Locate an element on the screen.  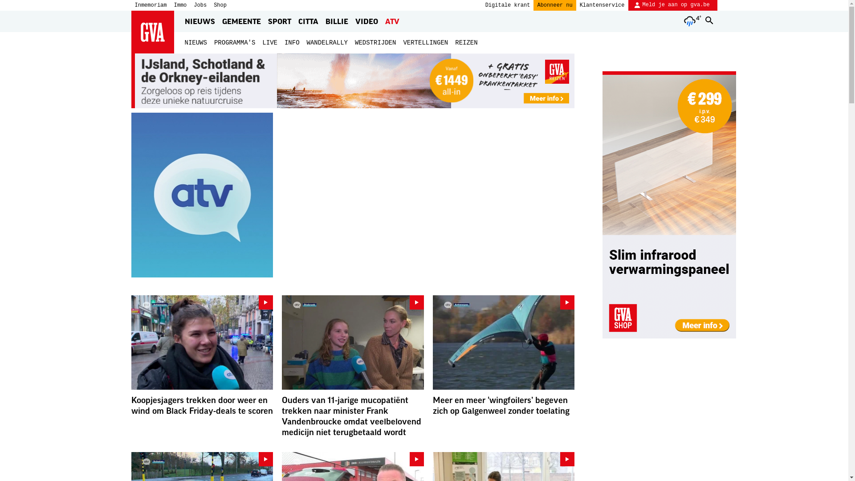
'LIVE' is located at coordinates (269, 43).